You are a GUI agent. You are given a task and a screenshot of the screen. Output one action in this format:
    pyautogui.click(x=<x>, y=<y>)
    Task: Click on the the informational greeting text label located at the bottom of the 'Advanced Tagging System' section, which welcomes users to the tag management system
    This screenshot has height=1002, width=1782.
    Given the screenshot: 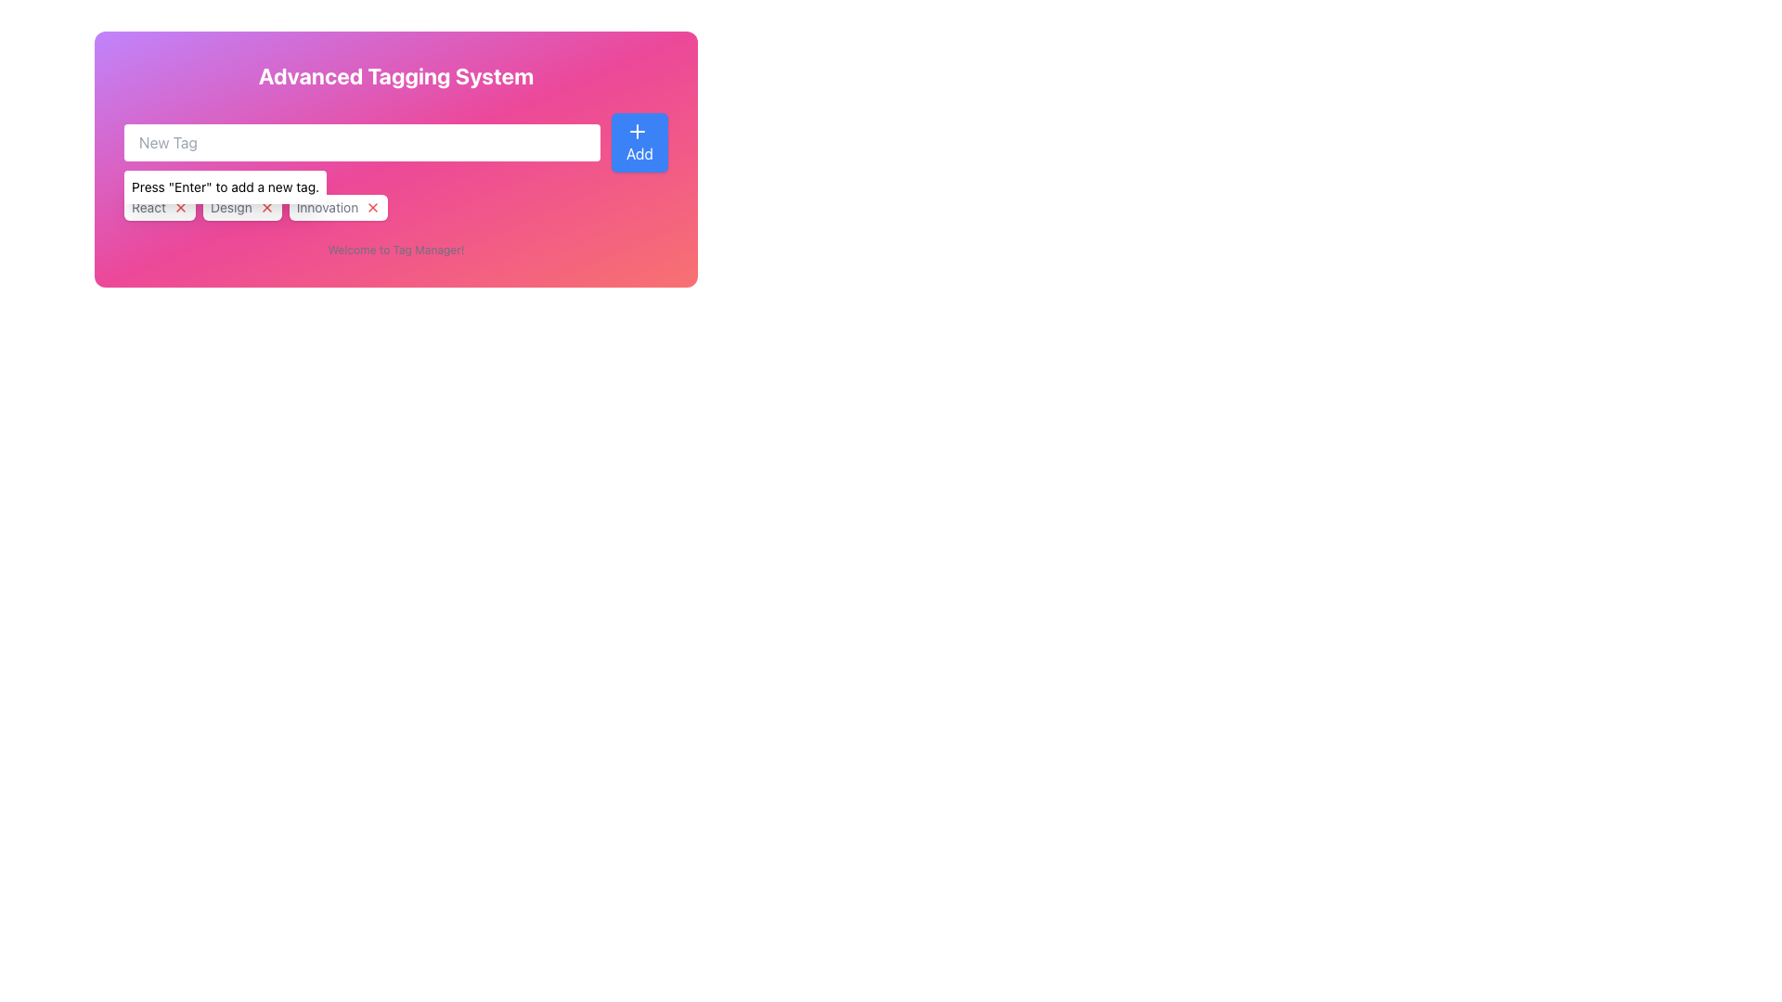 What is the action you would take?
    pyautogui.click(x=395, y=250)
    